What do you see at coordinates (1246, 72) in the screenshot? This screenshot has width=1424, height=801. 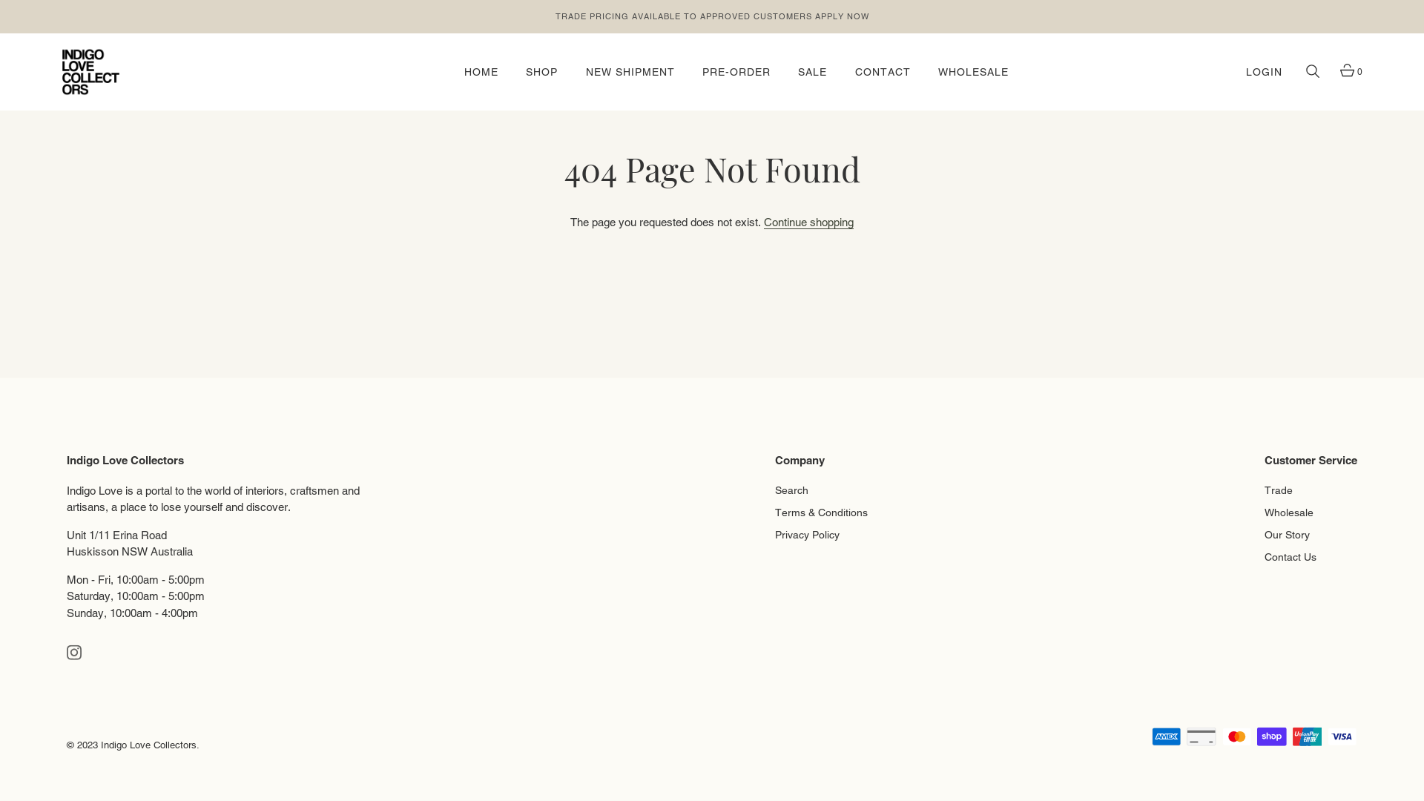 I see `'LOGIN'` at bounding box center [1246, 72].